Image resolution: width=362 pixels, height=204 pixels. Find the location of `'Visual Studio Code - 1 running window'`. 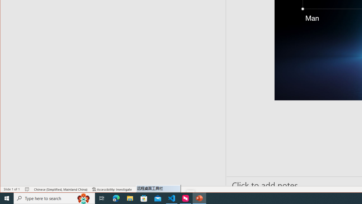

'Visual Studio Code - 1 running window' is located at coordinates (171, 198).